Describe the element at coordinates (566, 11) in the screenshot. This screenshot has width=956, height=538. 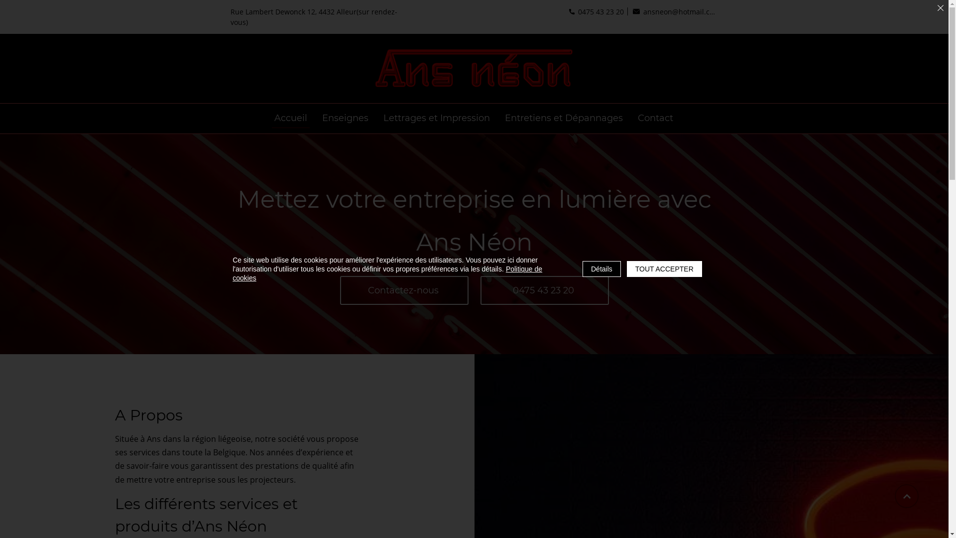
I see `'0475 43 23 20'` at that location.